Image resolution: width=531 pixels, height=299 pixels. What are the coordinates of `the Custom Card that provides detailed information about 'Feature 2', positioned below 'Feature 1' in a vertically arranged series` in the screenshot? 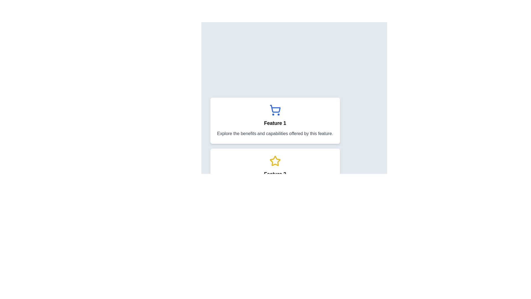 It's located at (275, 171).